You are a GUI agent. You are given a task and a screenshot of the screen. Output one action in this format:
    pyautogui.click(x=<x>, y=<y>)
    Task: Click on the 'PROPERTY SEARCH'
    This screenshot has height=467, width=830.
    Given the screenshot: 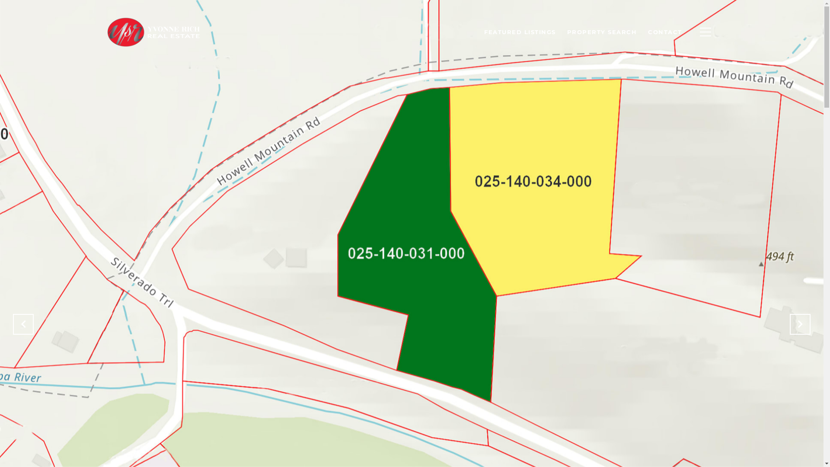 What is the action you would take?
    pyautogui.click(x=561, y=31)
    